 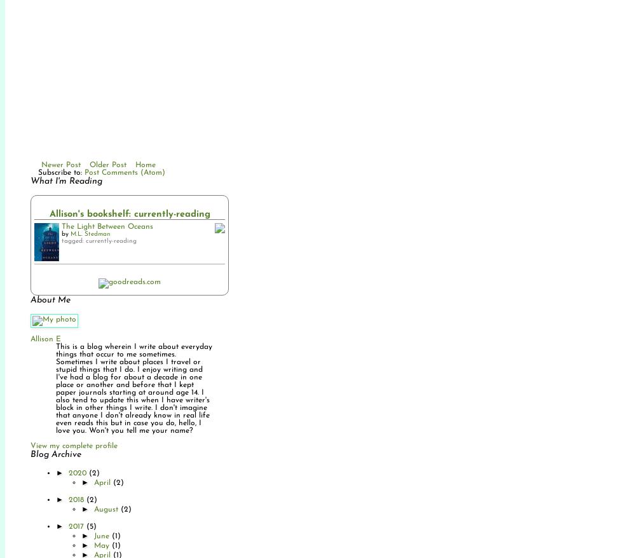 What do you see at coordinates (99, 240) in the screenshot?
I see `'tagged:
            currently-reading'` at bounding box center [99, 240].